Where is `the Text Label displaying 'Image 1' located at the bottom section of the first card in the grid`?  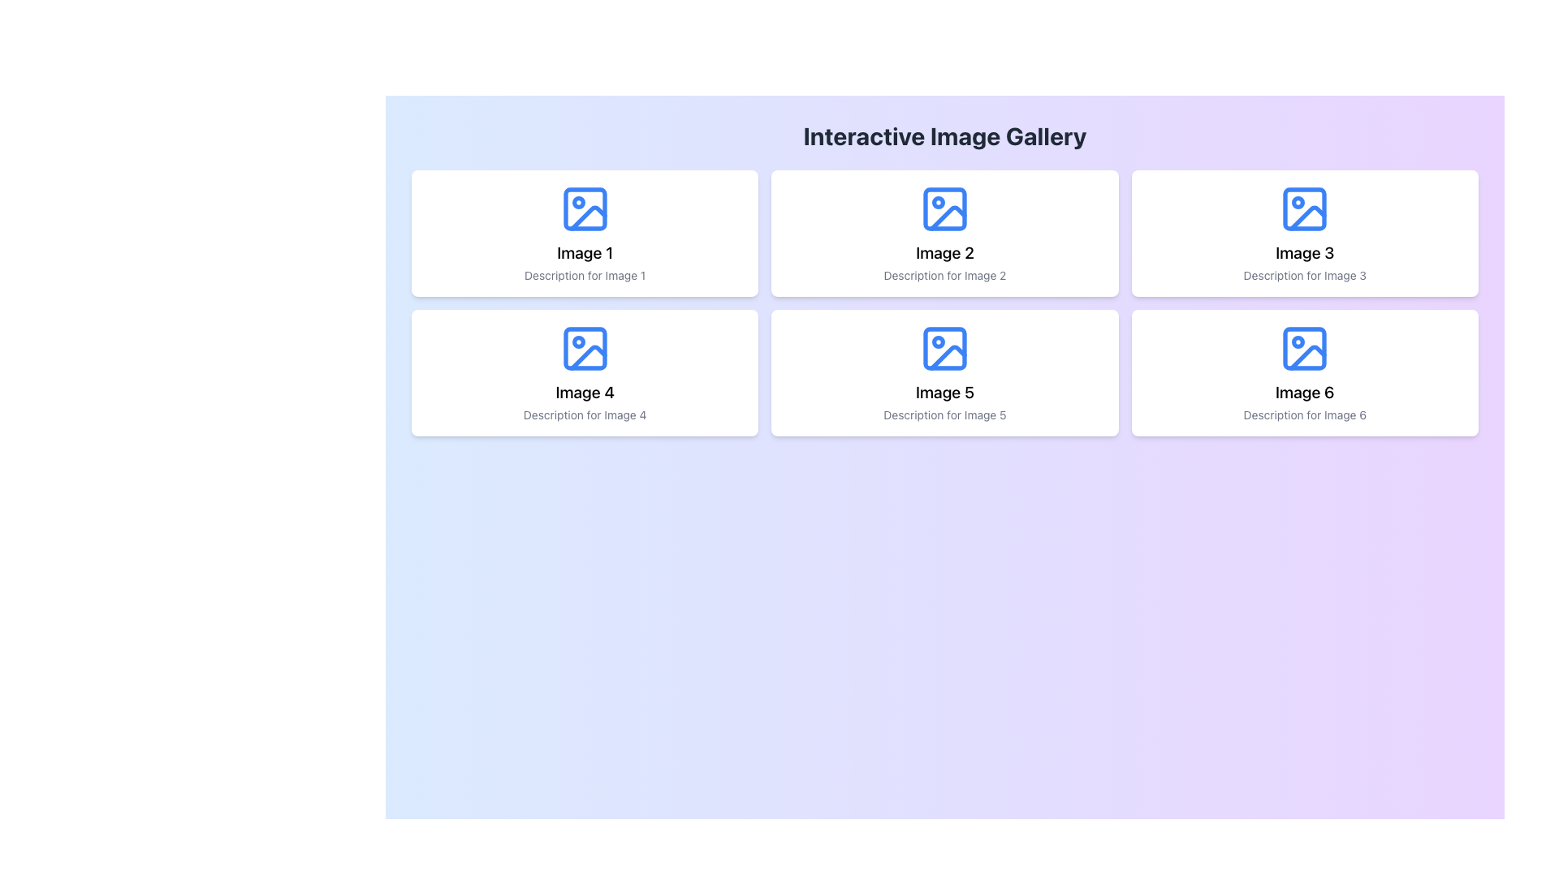 the Text Label displaying 'Image 1' located at the bottom section of the first card in the grid is located at coordinates (585, 253).